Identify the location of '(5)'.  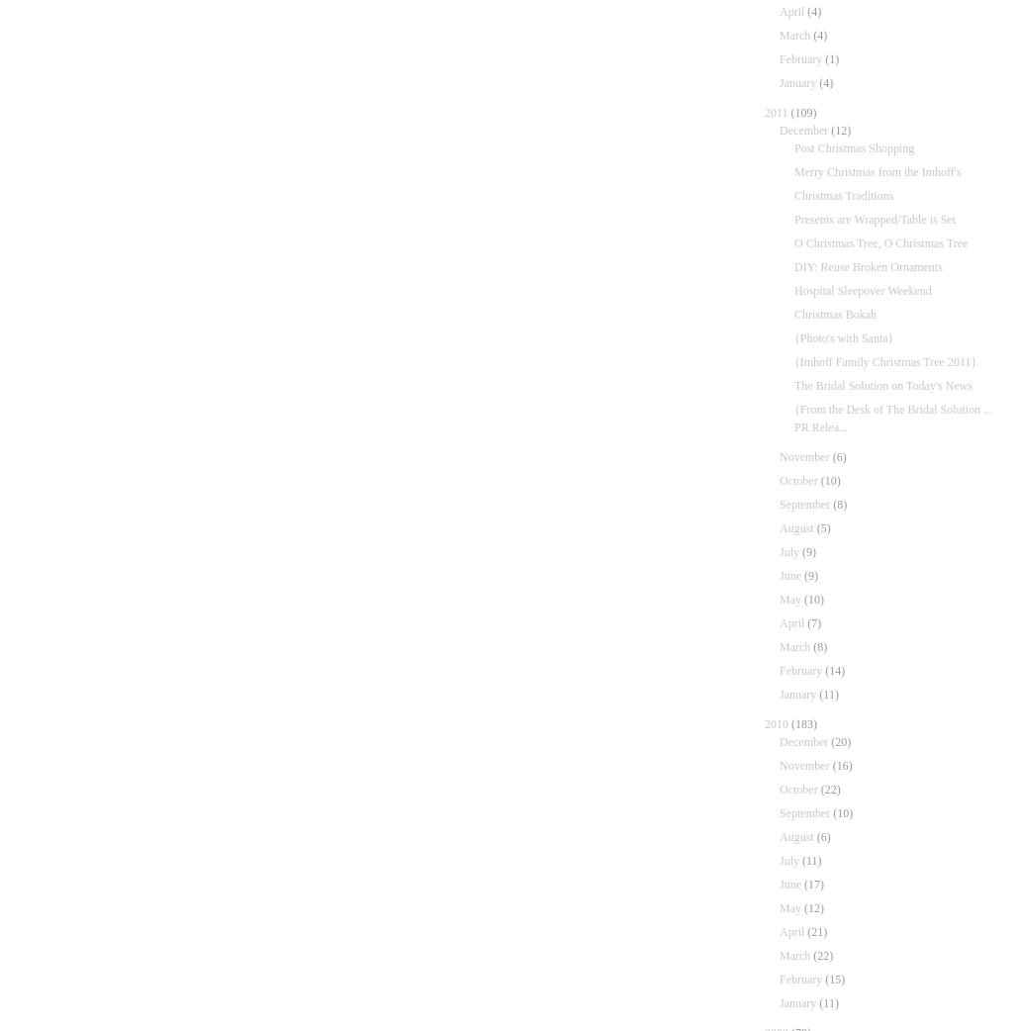
(822, 527).